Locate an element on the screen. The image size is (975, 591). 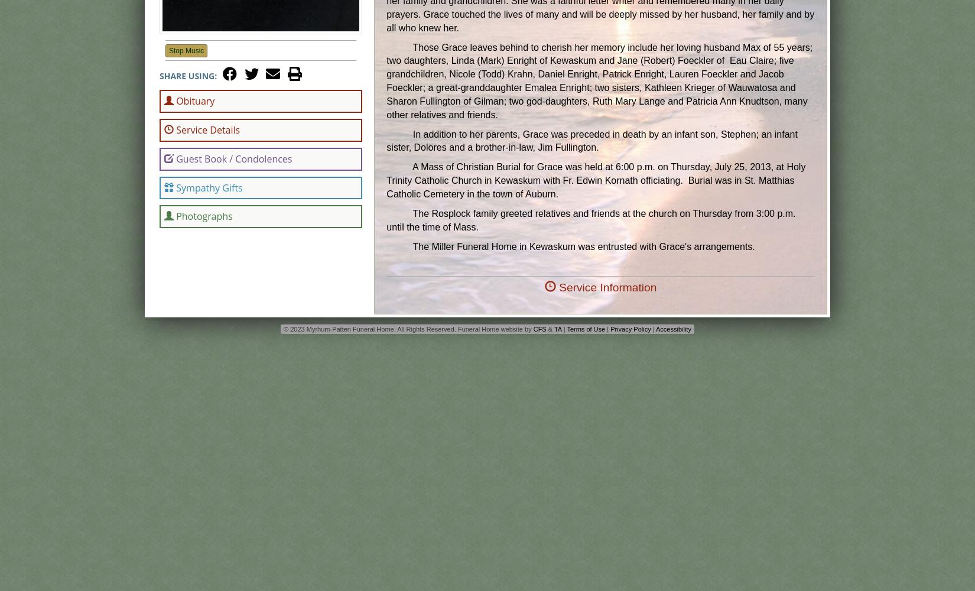
'&' is located at coordinates (550, 329).